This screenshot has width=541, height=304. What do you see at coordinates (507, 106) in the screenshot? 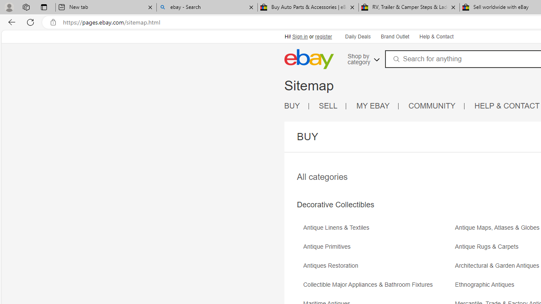
I see `'HELP & CONTACT'` at bounding box center [507, 106].